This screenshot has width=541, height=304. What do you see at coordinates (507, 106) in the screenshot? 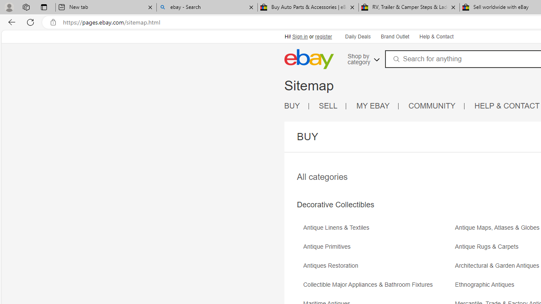
I see `'HELP & CONTACT'` at bounding box center [507, 106].